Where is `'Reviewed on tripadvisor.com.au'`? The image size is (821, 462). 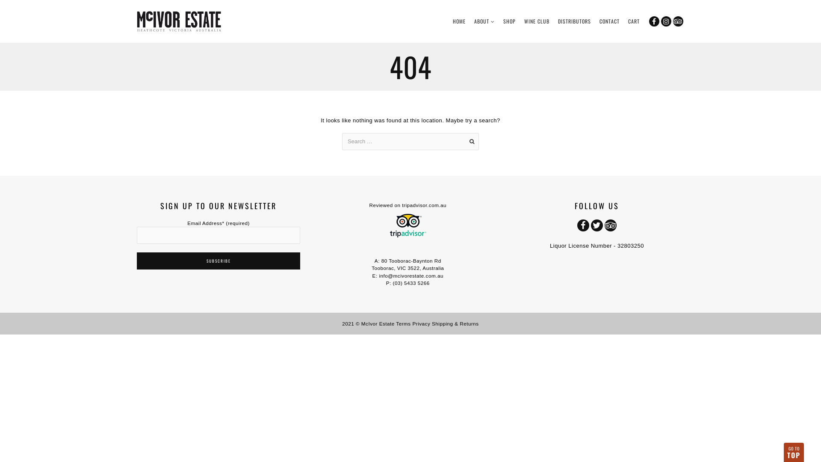
'Reviewed on tripadvisor.com.au' is located at coordinates (407, 205).